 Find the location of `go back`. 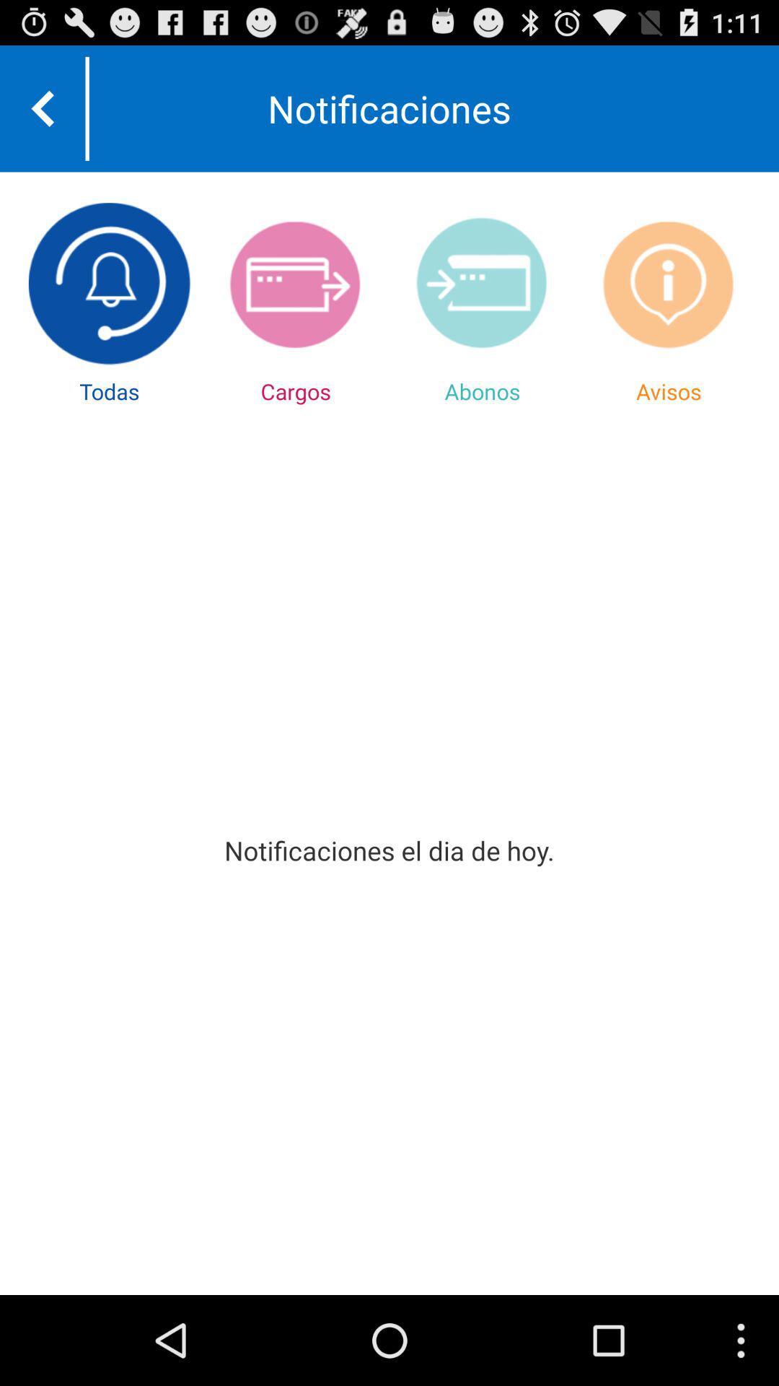

go back is located at coordinates (42, 108).